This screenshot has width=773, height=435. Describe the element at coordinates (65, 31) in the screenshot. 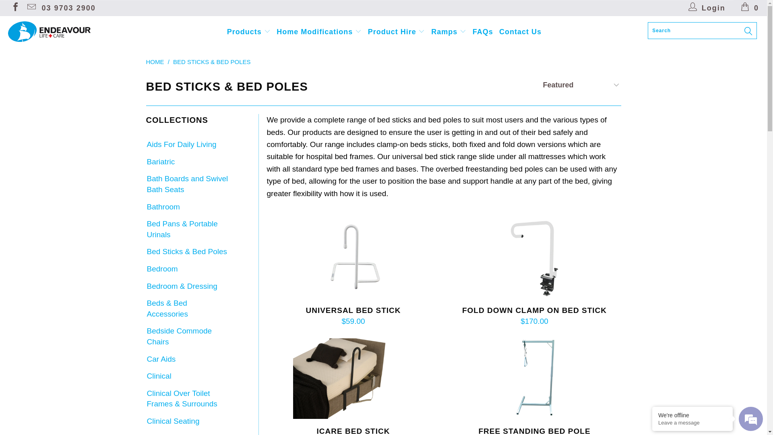

I see `'Endeavour Life Care'` at that location.